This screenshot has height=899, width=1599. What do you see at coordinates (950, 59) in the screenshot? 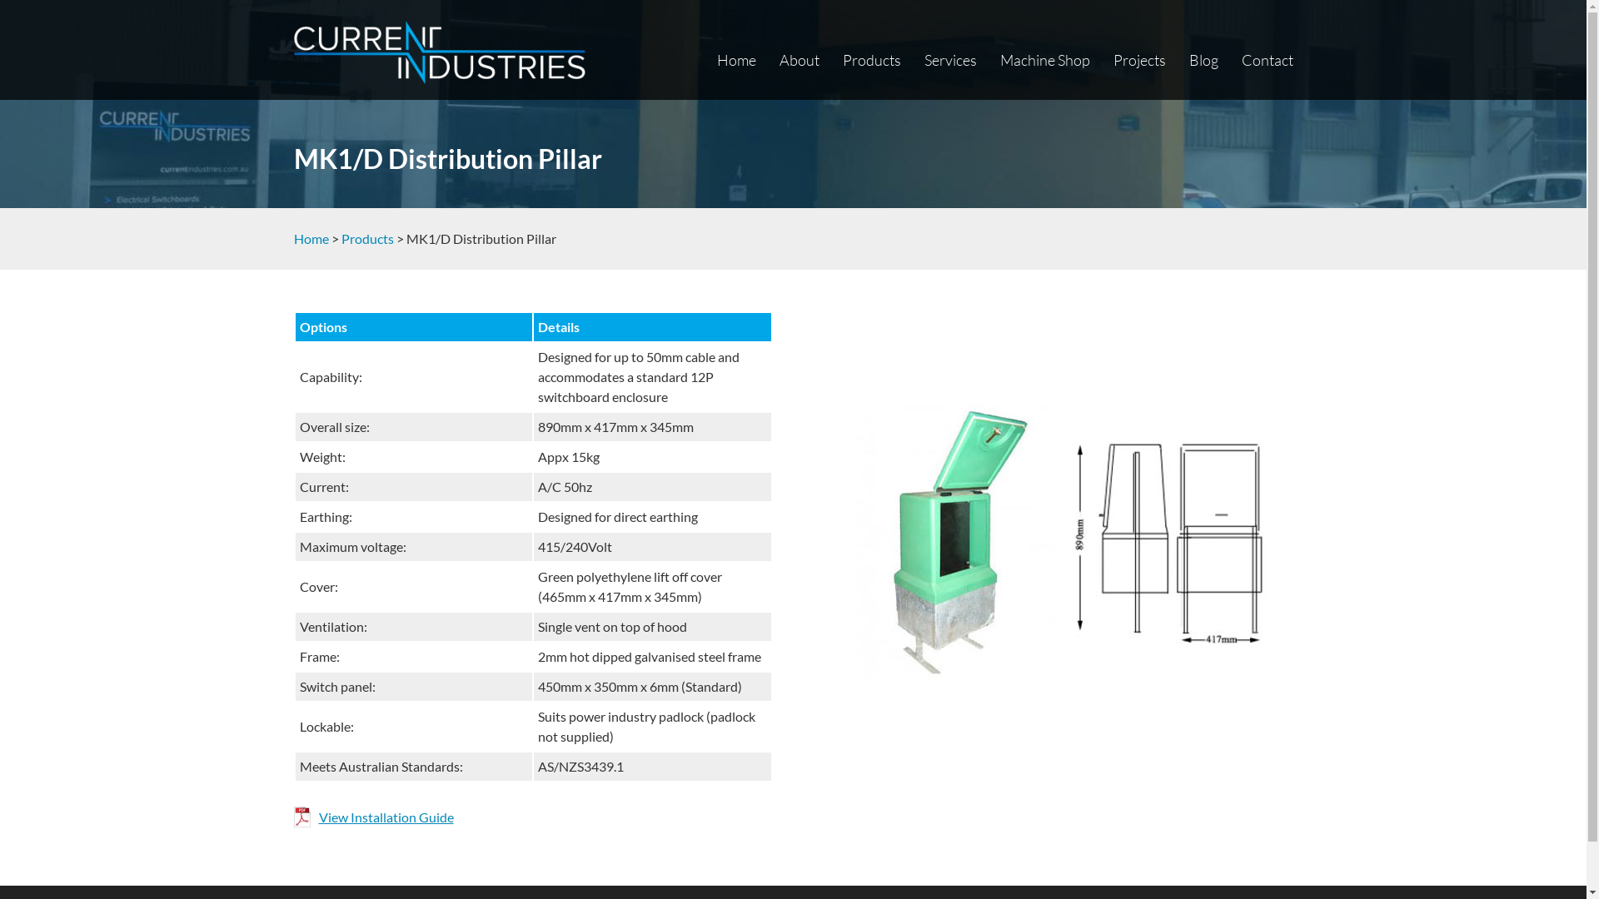
I see `'Services'` at bounding box center [950, 59].